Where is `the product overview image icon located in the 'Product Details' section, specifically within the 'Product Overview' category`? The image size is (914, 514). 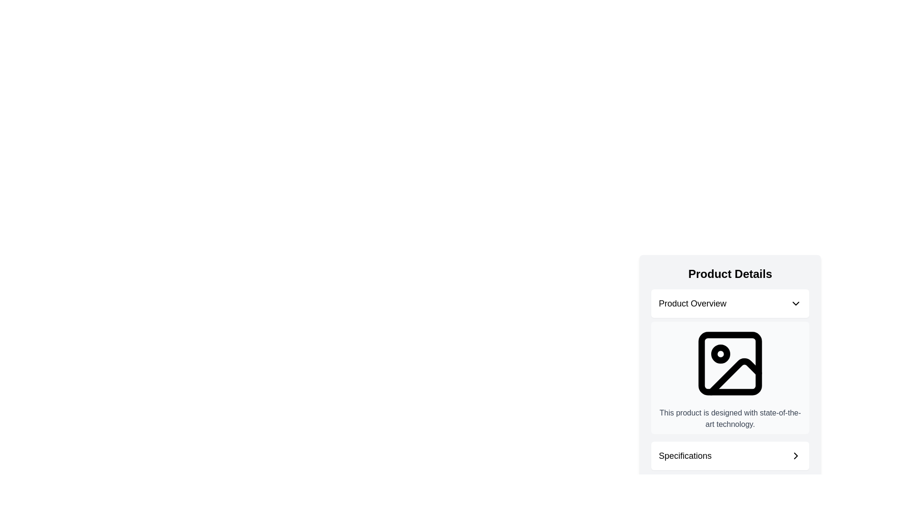 the product overview image icon located in the 'Product Details' section, specifically within the 'Product Overview' category is located at coordinates (730, 363).